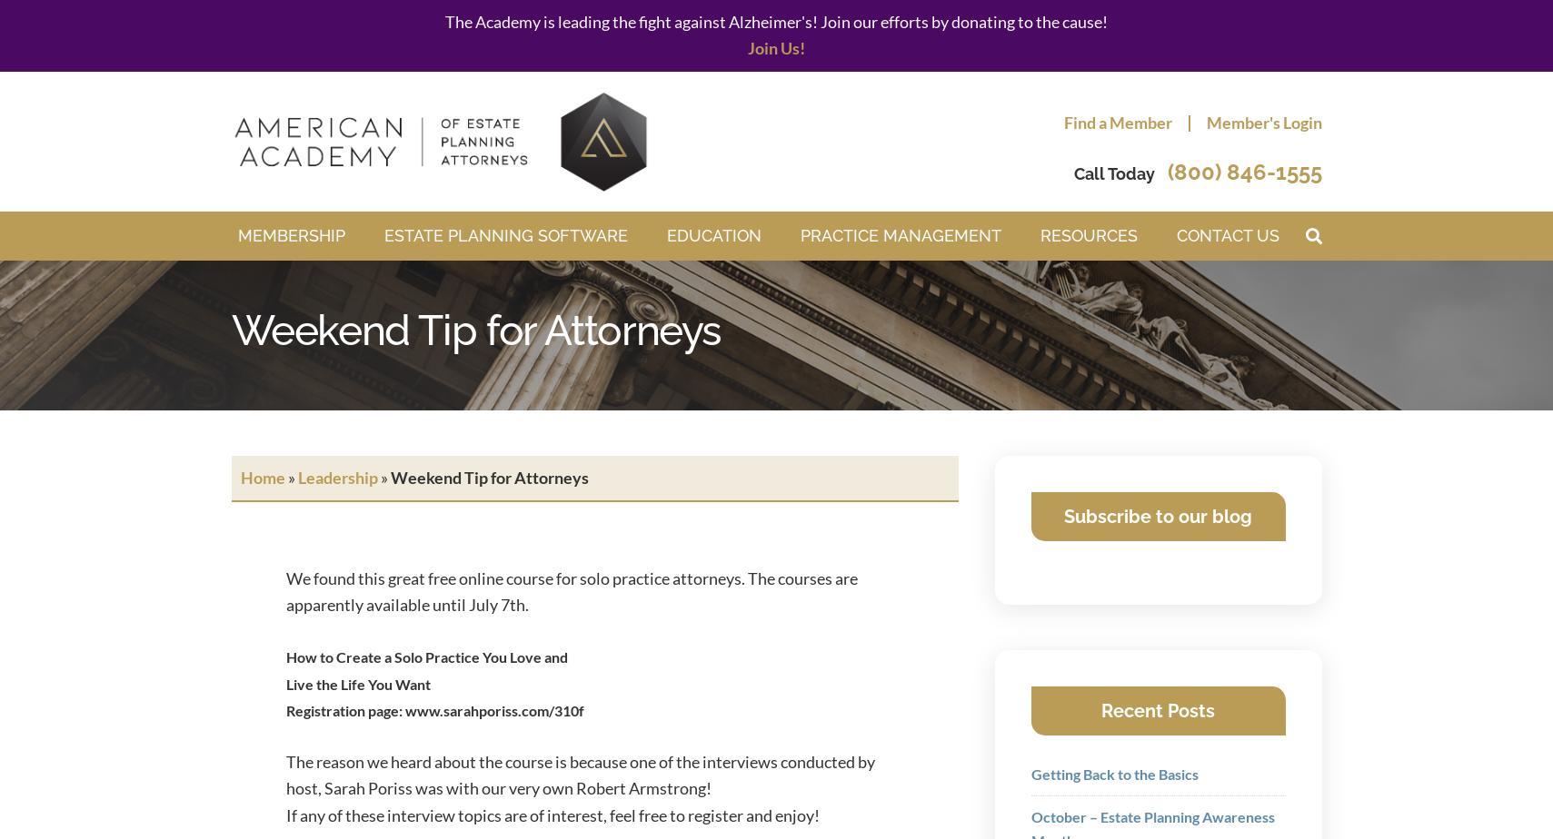 This screenshot has height=839, width=1553. Describe the element at coordinates (503, 235) in the screenshot. I see `'Estate planning software'` at that location.